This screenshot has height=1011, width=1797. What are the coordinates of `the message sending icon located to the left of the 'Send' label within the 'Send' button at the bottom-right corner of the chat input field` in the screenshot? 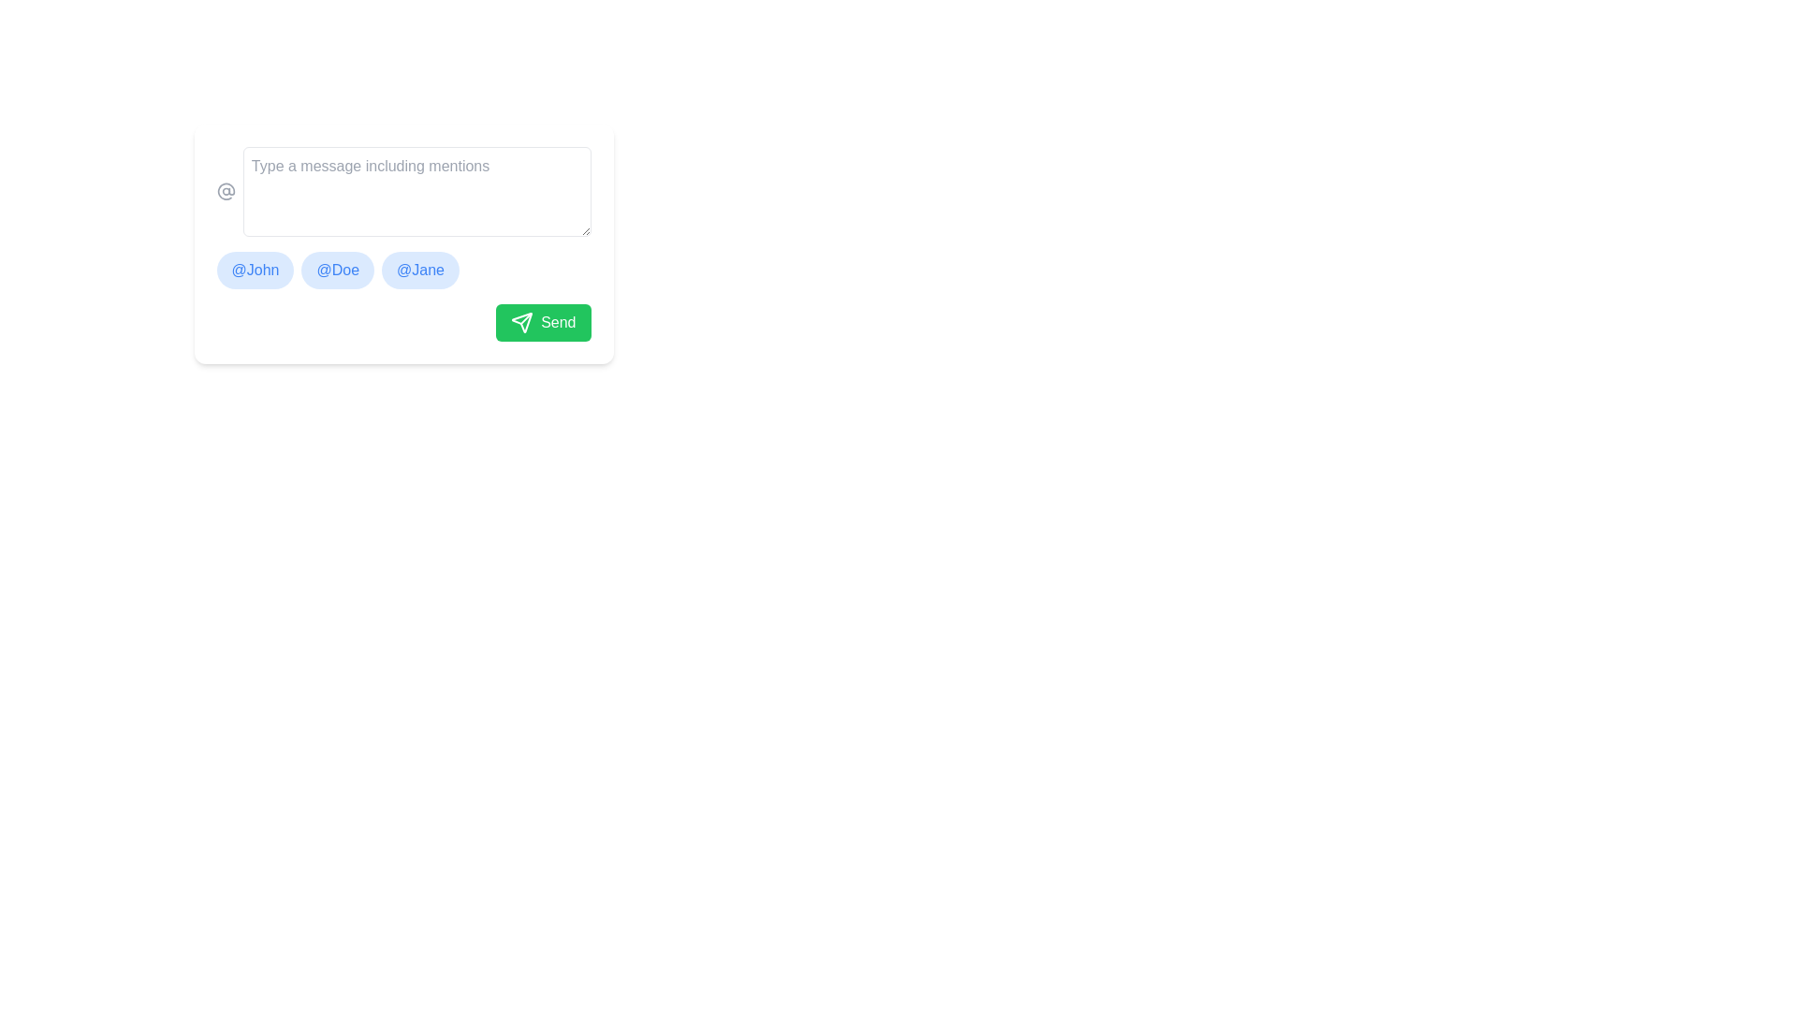 It's located at (522, 321).